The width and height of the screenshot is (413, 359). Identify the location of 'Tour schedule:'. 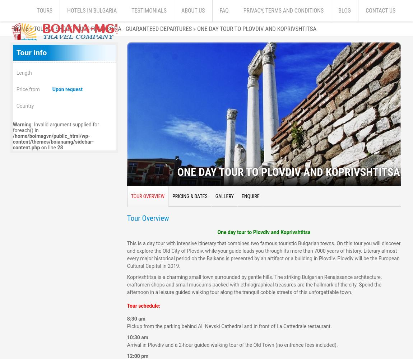
(143, 305).